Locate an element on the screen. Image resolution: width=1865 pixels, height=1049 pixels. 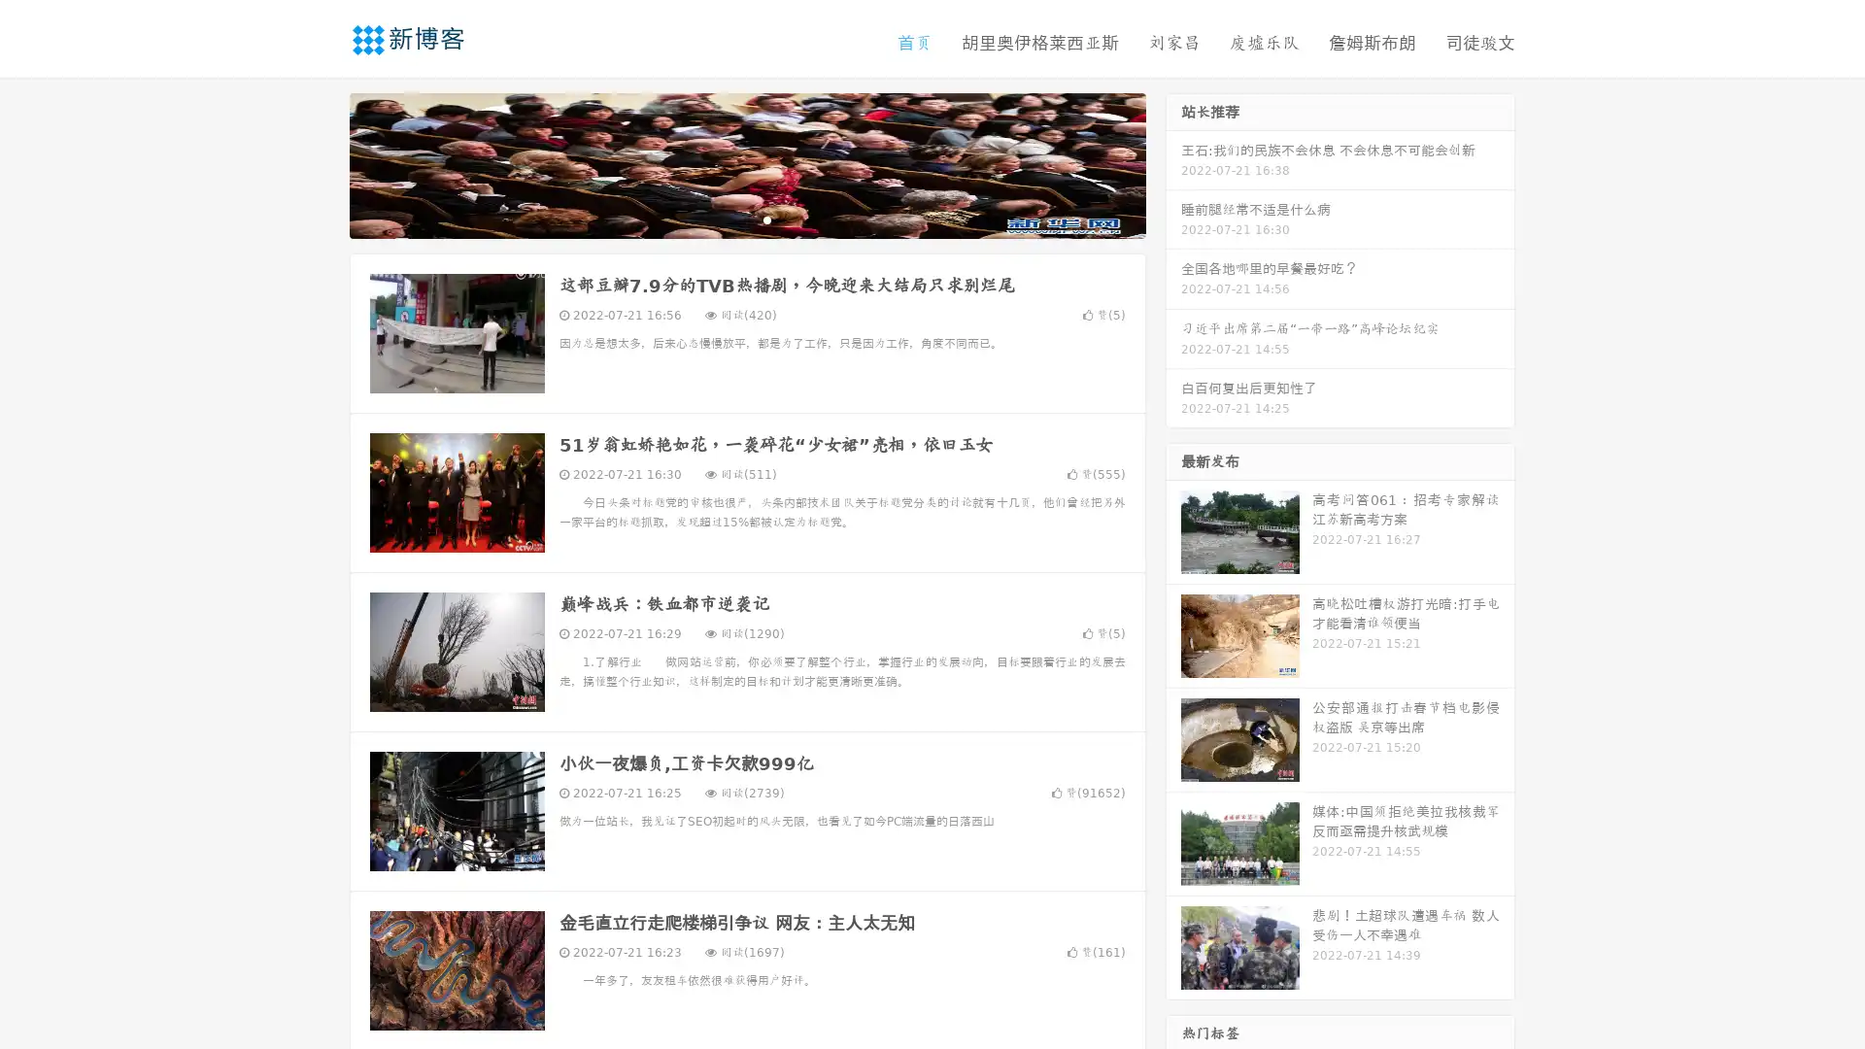
Next slide is located at coordinates (1173, 163).